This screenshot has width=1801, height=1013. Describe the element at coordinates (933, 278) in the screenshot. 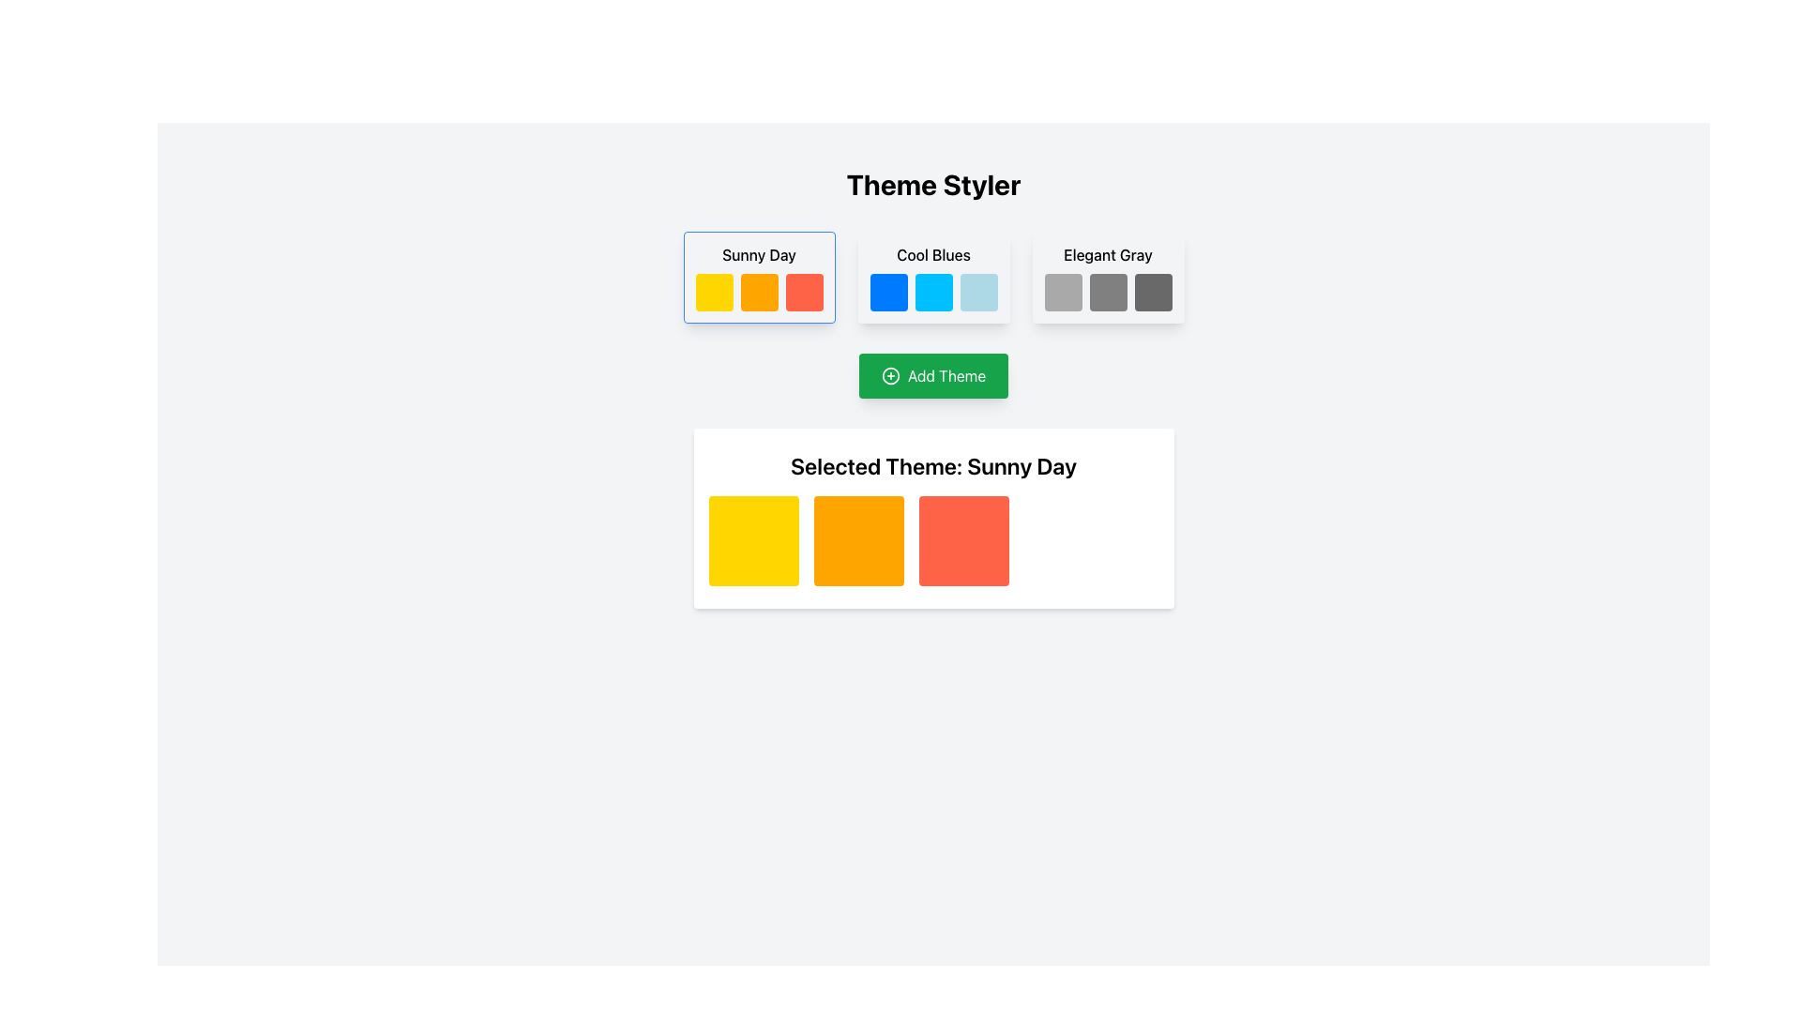

I see `the 'Cool Blues' button in the 'Theme Styler' section` at that location.